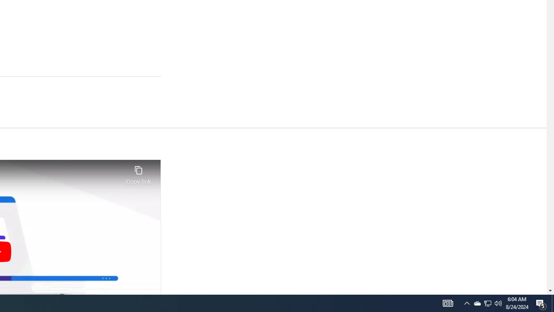 Image resolution: width=554 pixels, height=312 pixels. What do you see at coordinates (138, 172) in the screenshot?
I see `'Copy link'` at bounding box center [138, 172].